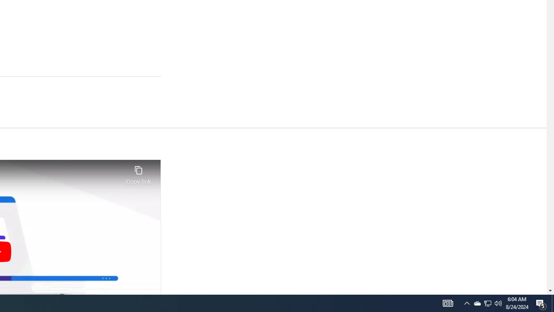 Image resolution: width=554 pixels, height=312 pixels. What do you see at coordinates (138, 172) in the screenshot?
I see `'Copy link'` at bounding box center [138, 172].